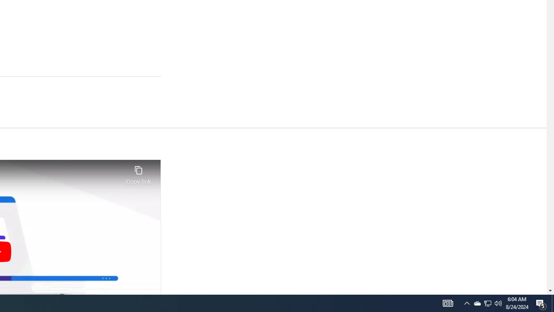 Image resolution: width=554 pixels, height=312 pixels. What do you see at coordinates (138, 172) in the screenshot?
I see `'Copy link'` at bounding box center [138, 172].